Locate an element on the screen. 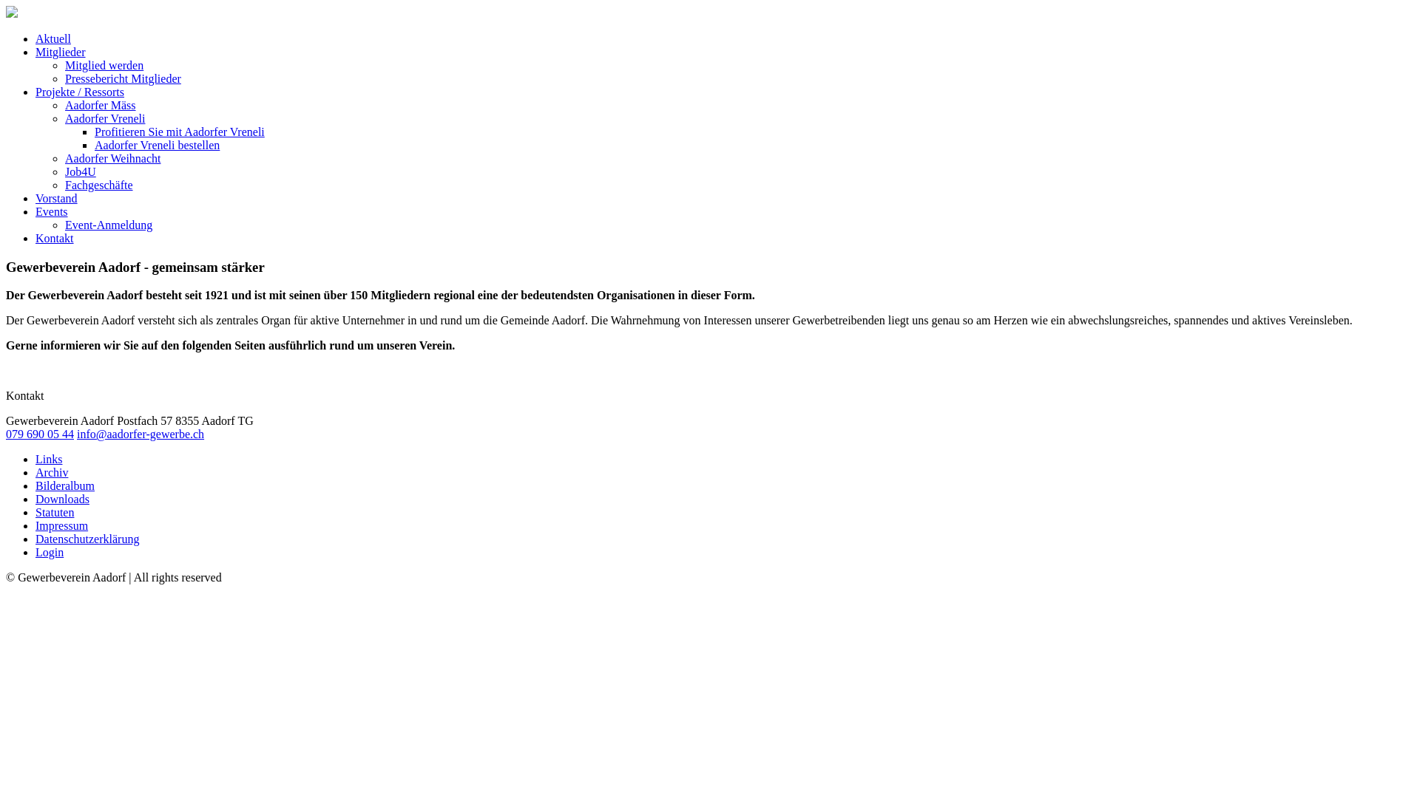 The height and width of the screenshot is (798, 1420). 'Bilderalbum' is located at coordinates (64, 485).